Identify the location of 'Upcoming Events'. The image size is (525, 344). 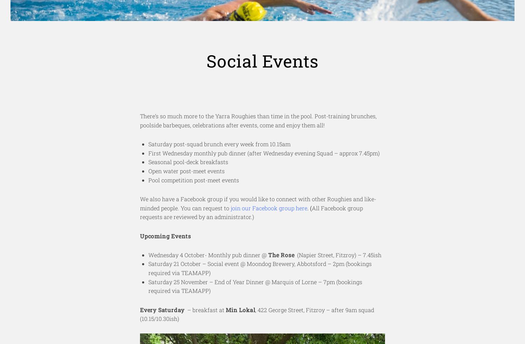
(140, 235).